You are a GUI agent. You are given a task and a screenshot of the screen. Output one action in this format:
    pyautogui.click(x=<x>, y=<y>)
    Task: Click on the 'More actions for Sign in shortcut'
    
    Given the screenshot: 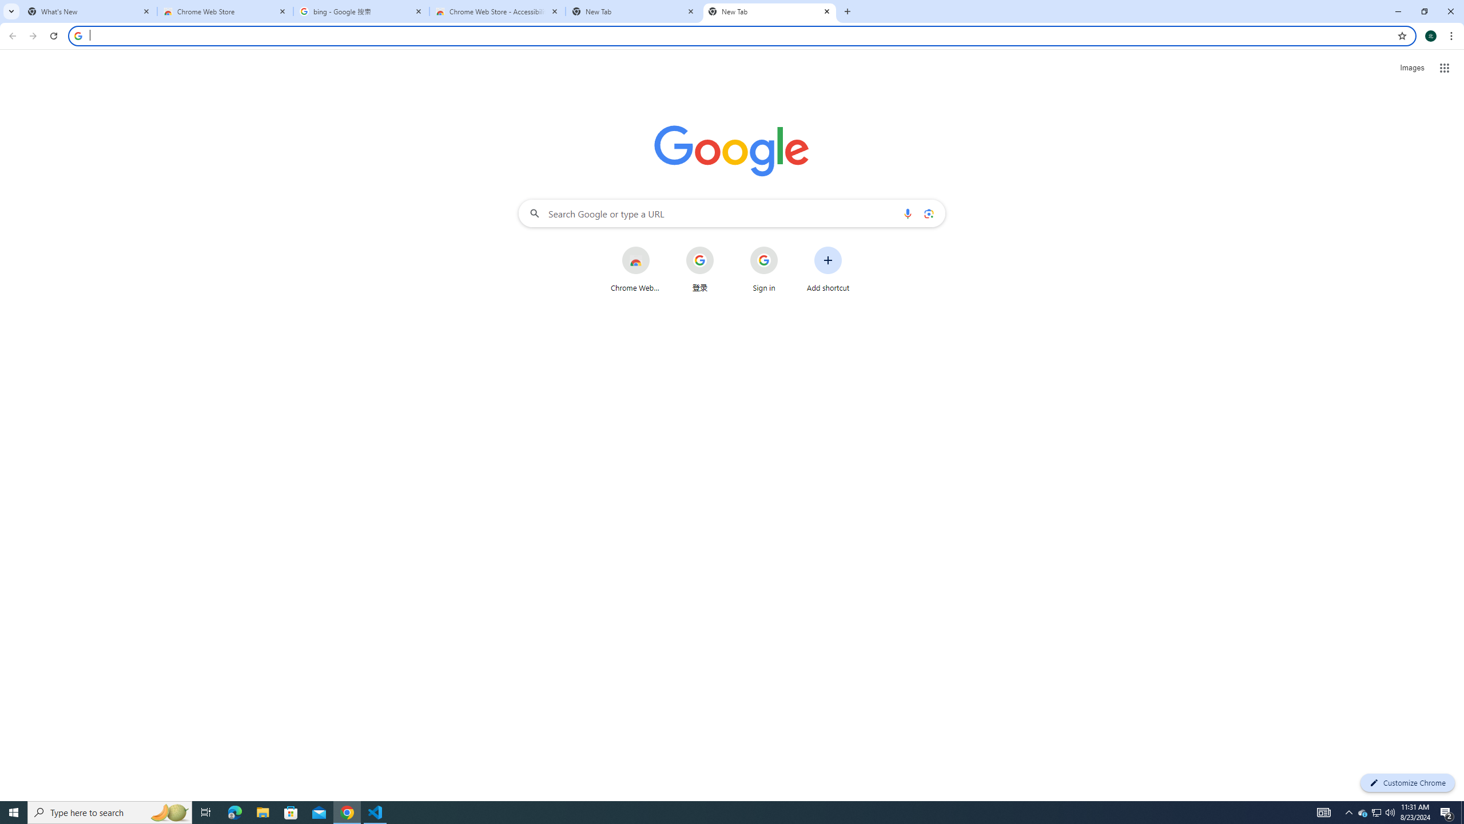 What is the action you would take?
    pyautogui.click(x=786, y=247)
    